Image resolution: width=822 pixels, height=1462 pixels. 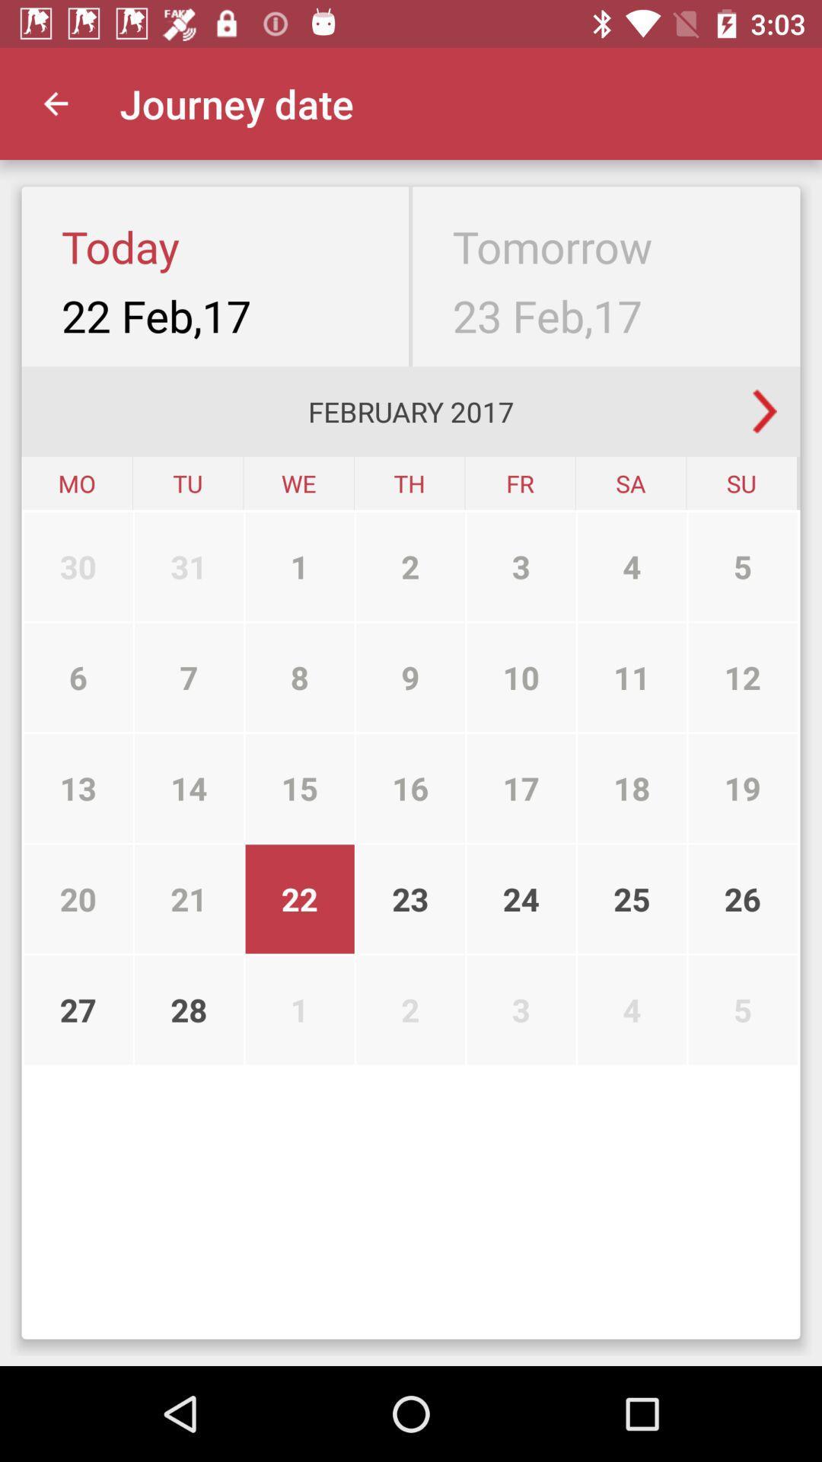 I want to click on move forward a month, so click(x=765, y=411).